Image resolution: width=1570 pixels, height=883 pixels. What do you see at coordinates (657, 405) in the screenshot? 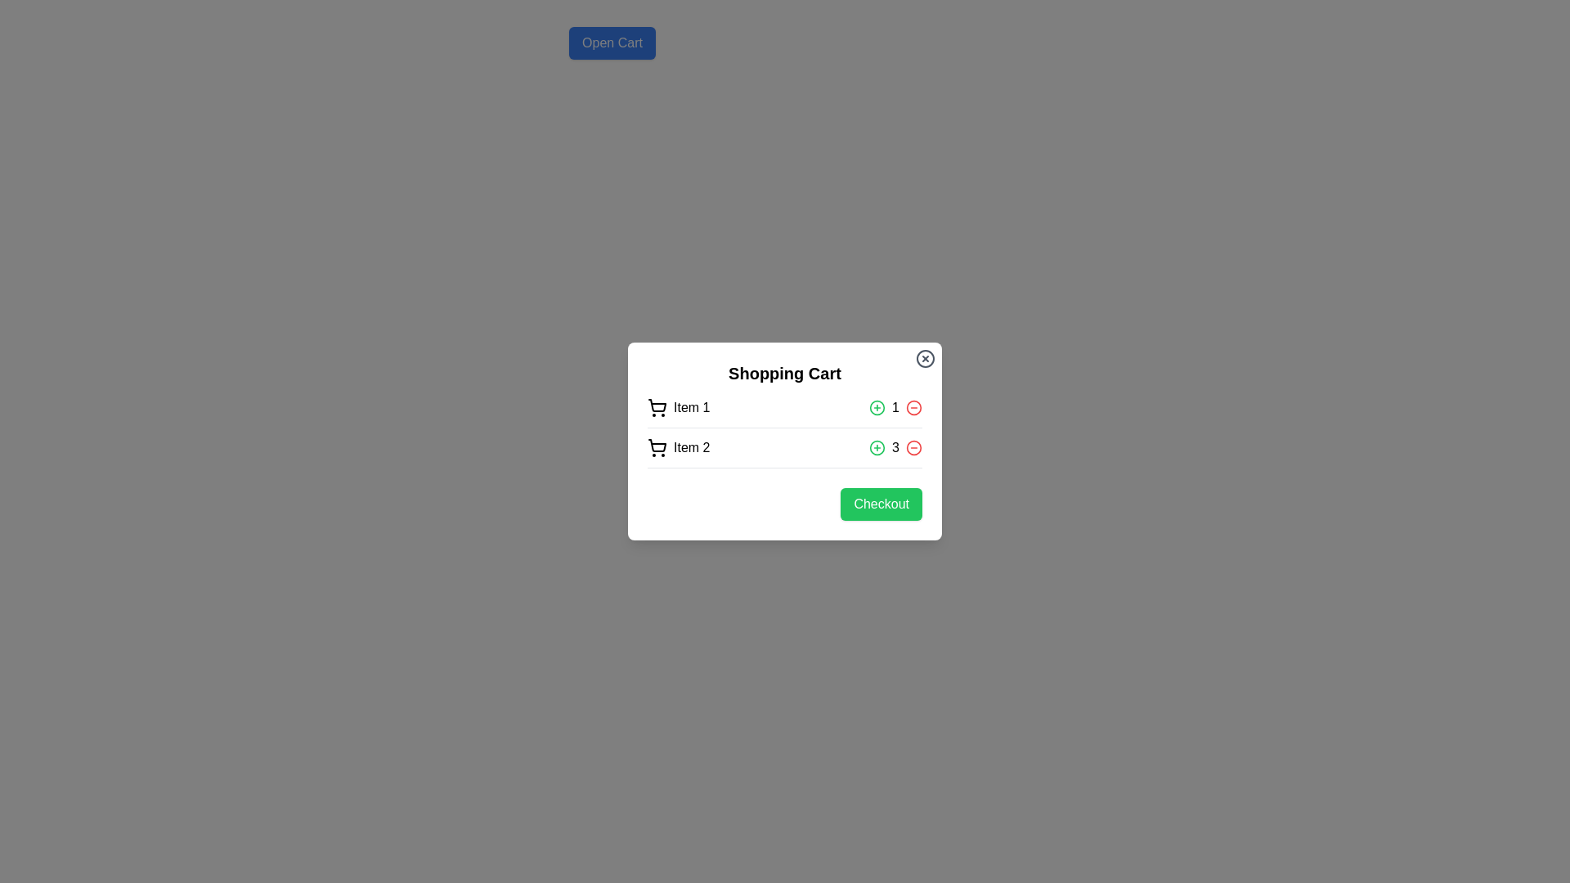
I see `the shopping cart icon, which is a minimalistic outlined representation located next to the text 'Item 1' in the 'Shopping Cart' dialog` at bounding box center [657, 405].